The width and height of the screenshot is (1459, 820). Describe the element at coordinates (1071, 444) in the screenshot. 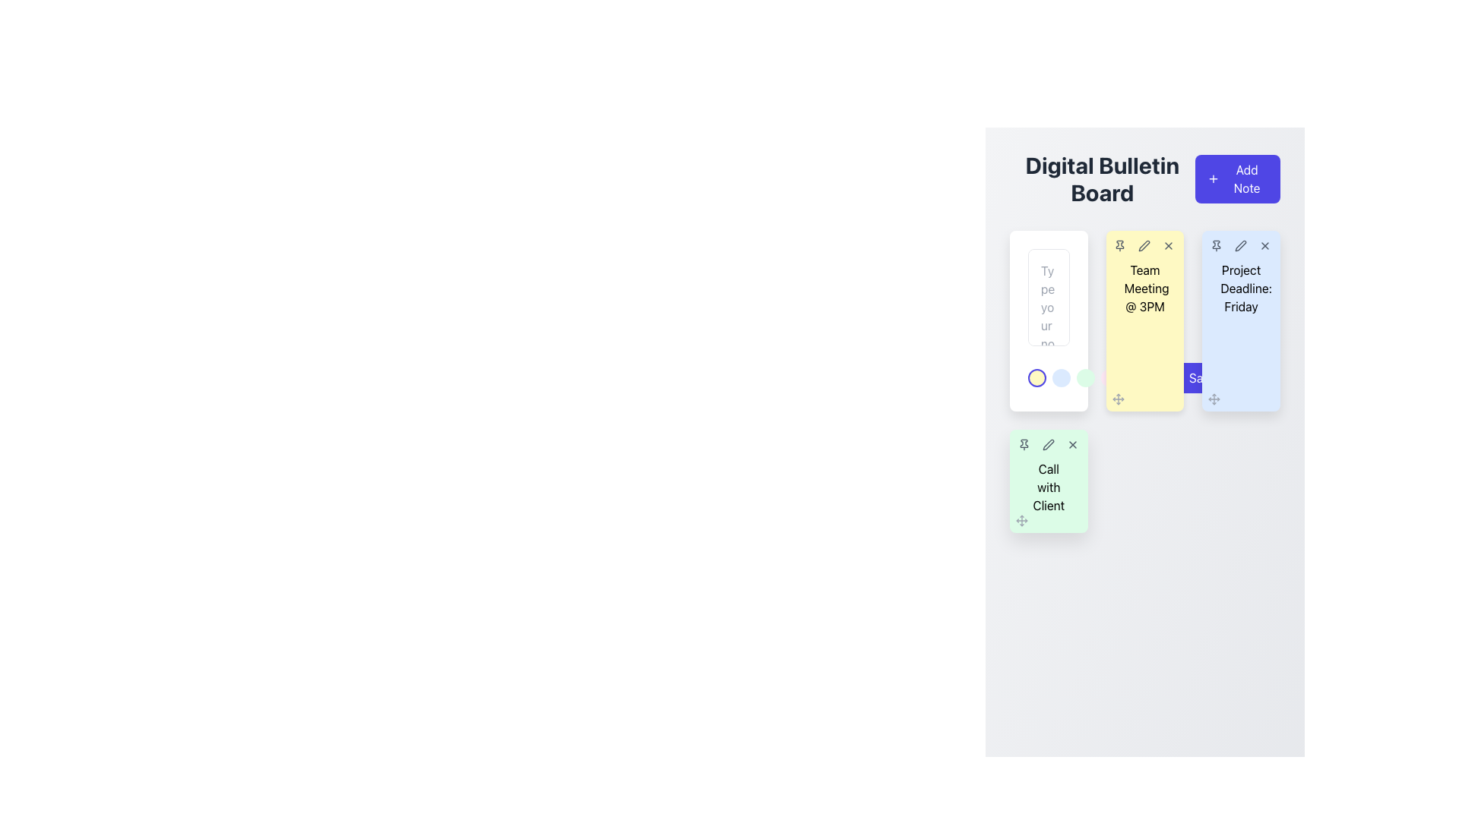

I see `the 'X' icon button in the top-right corner of the light green note labeled 'Call with Client'` at that location.